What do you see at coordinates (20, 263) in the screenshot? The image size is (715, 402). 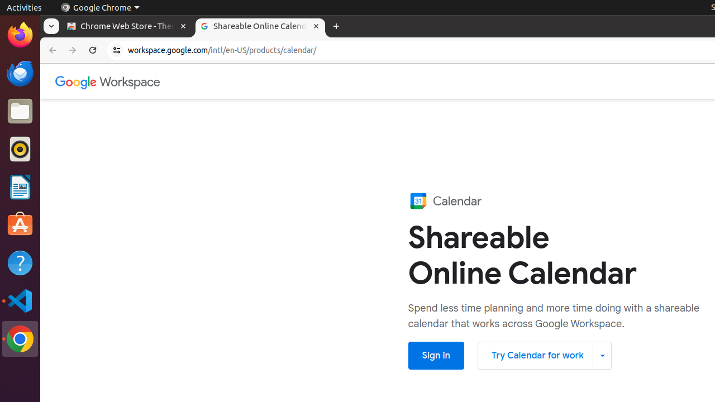 I see `'Help'` at bounding box center [20, 263].